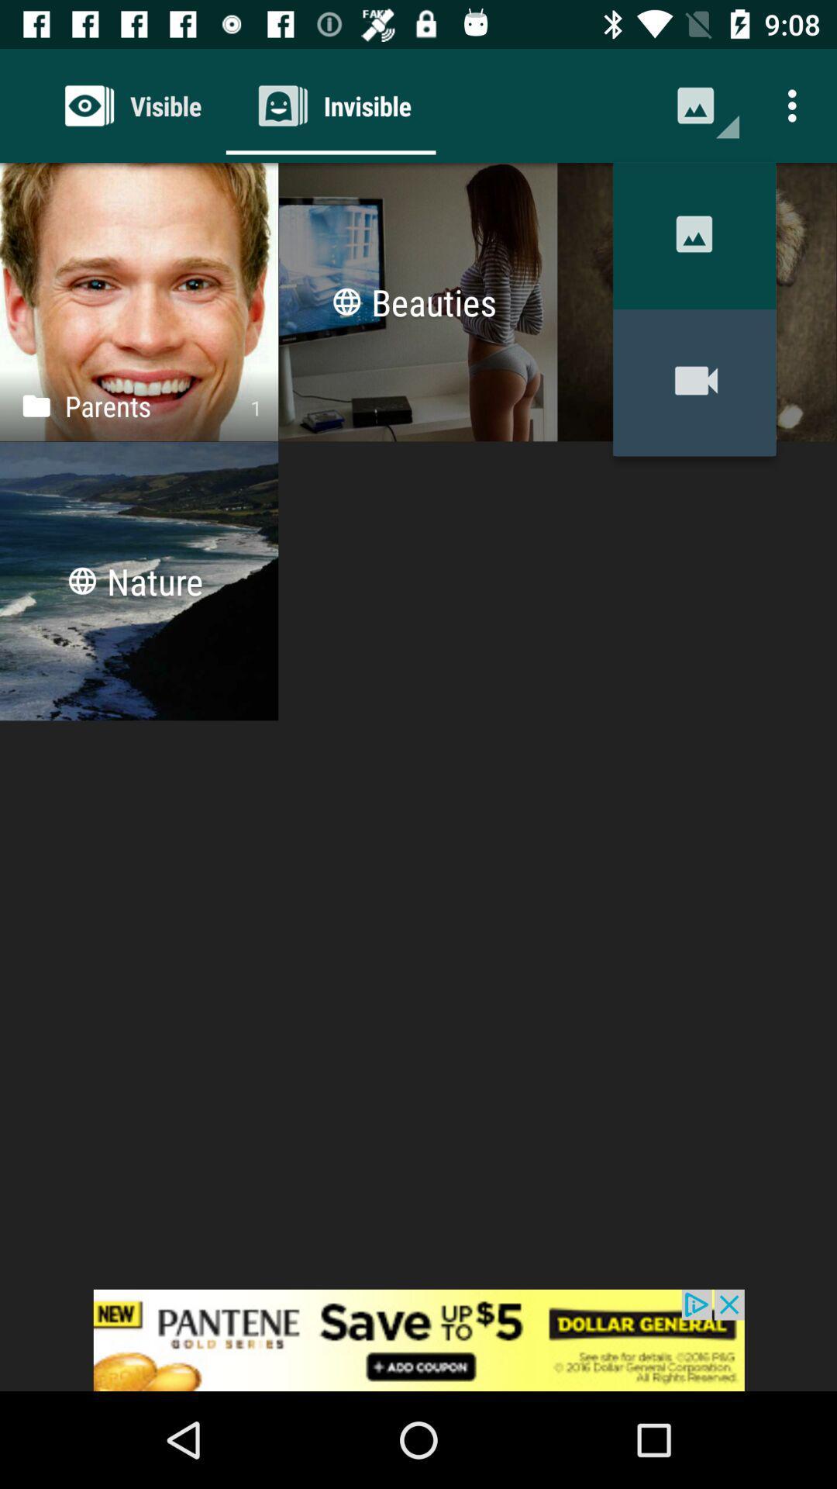 The image size is (837, 1489). Describe the element at coordinates (418, 1339) in the screenshot. I see `advertisement` at that location.